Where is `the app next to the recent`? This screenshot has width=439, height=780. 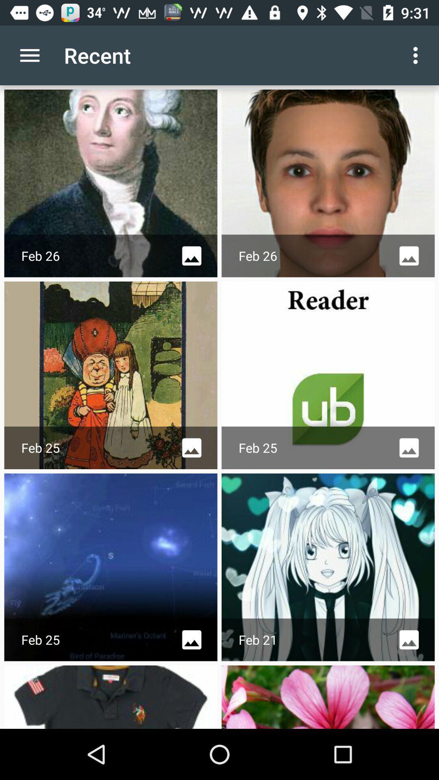 the app next to the recent is located at coordinates (29, 55).